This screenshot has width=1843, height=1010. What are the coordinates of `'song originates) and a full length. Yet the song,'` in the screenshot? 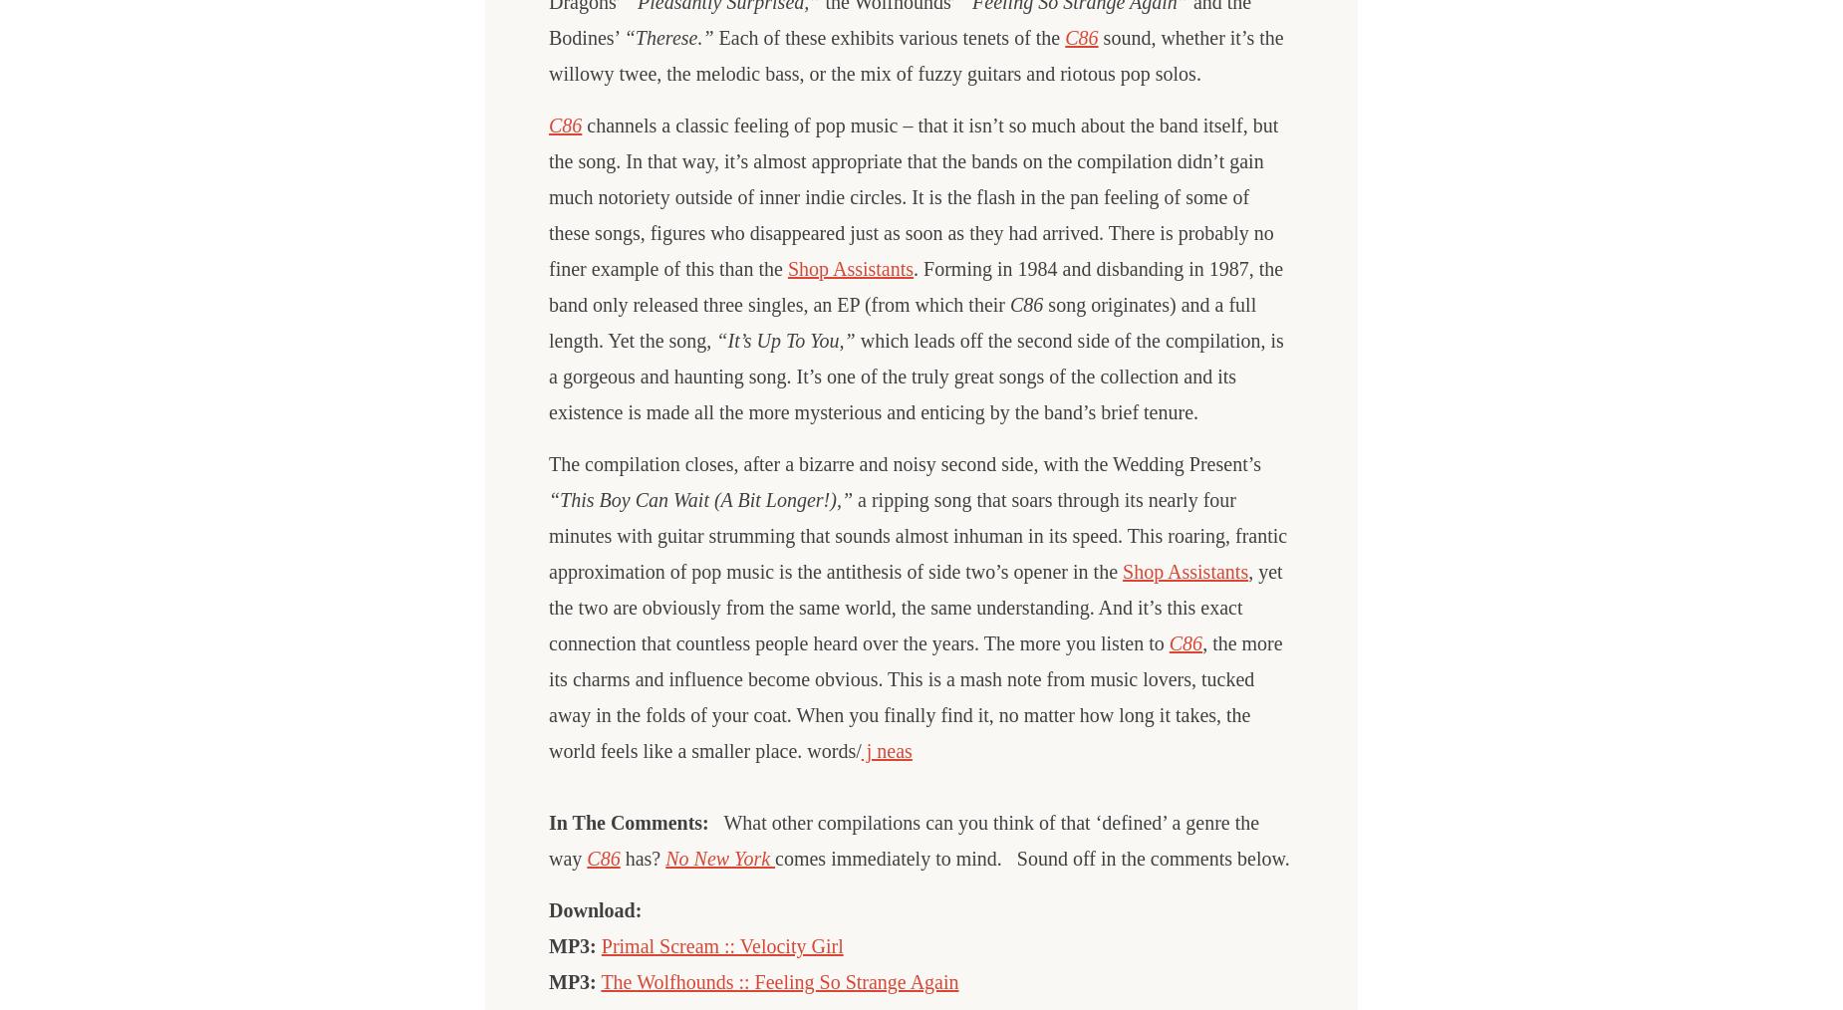 It's located at (902, 322).